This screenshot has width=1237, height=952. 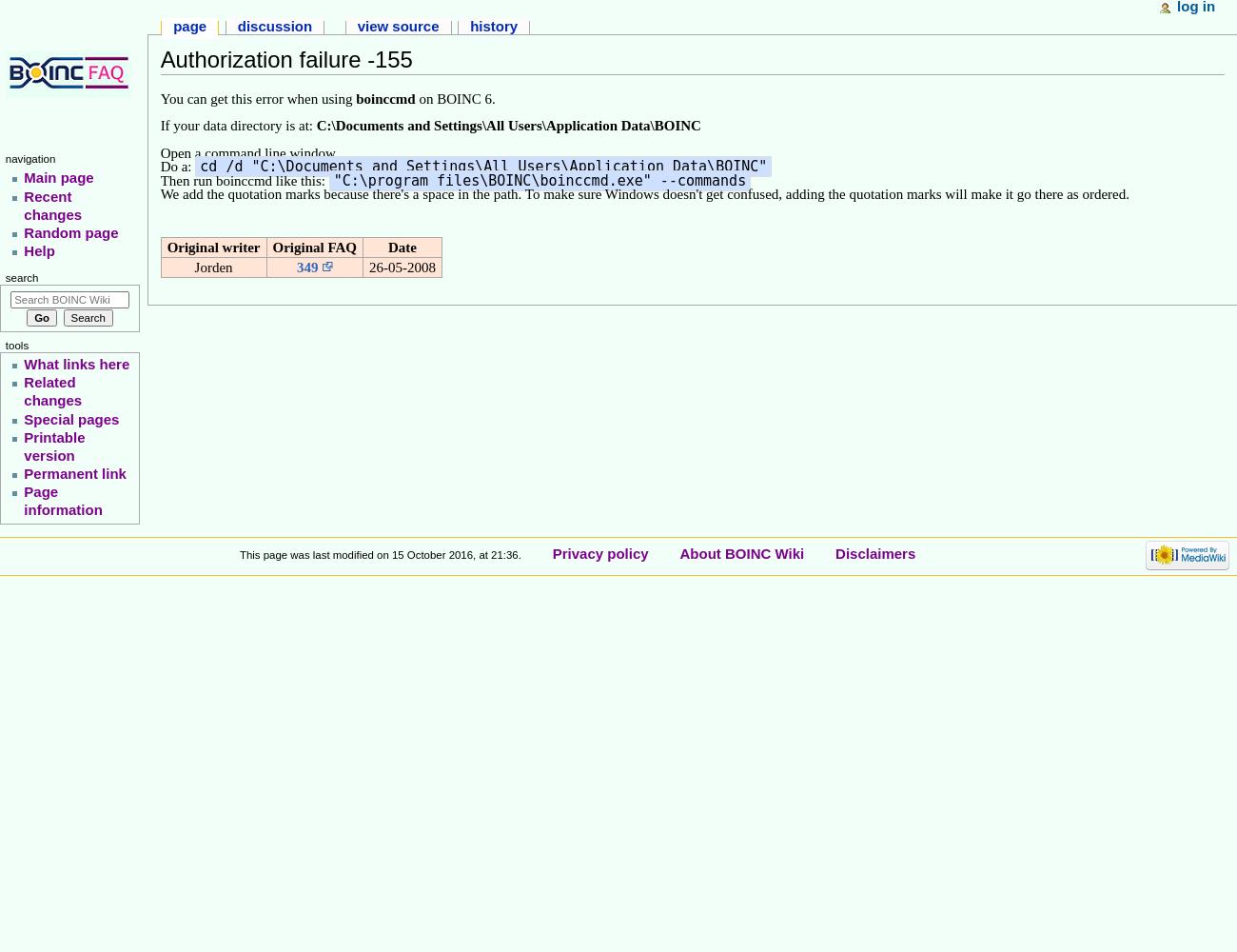 I want to click on 'History', so click(x=493, y=26).